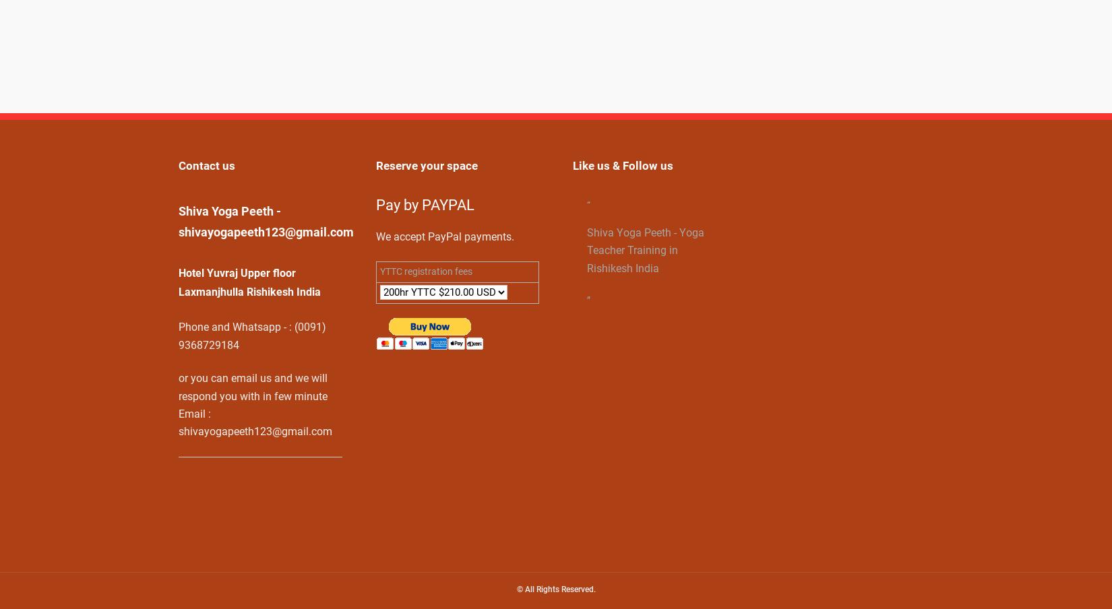 The width and height of the screenshot is (1112, 609). Describe the element at coordinates (252, 335) in the screenshot. I see `'Phone and Whatsapp - : (0091) 9368729184'` at that location.